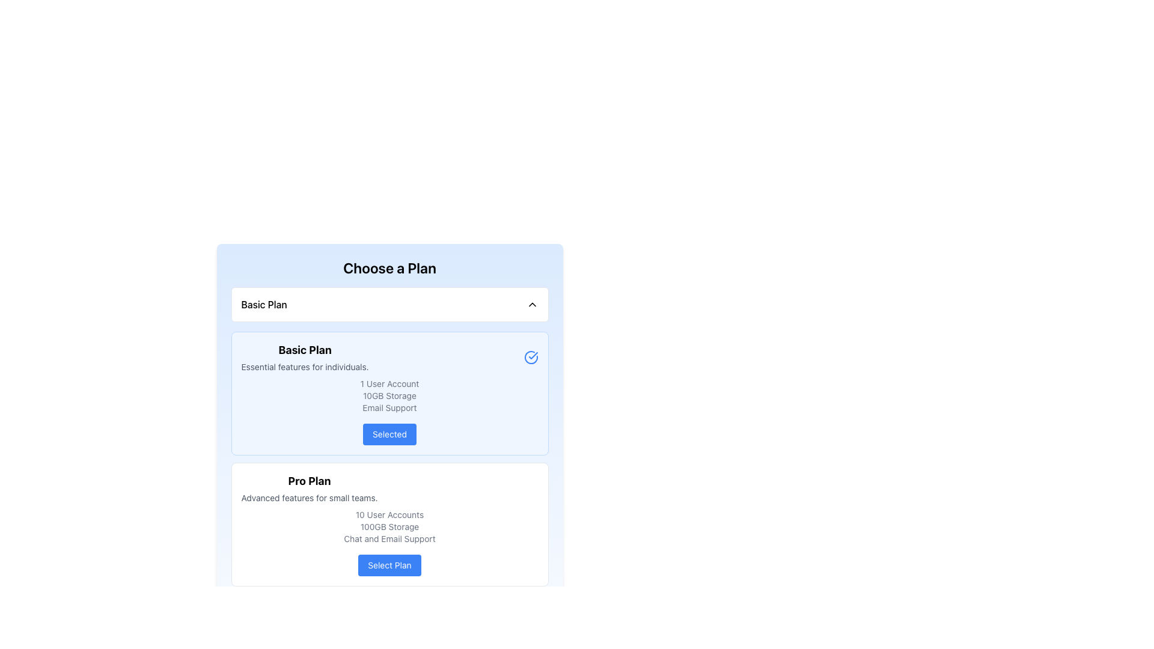  Describe the element at coordinates (530, 356) in the screenshot. I see `the visual indicator icon for the selected 'Basic Plan', which is located to the right of the section title and above the description` at that location.